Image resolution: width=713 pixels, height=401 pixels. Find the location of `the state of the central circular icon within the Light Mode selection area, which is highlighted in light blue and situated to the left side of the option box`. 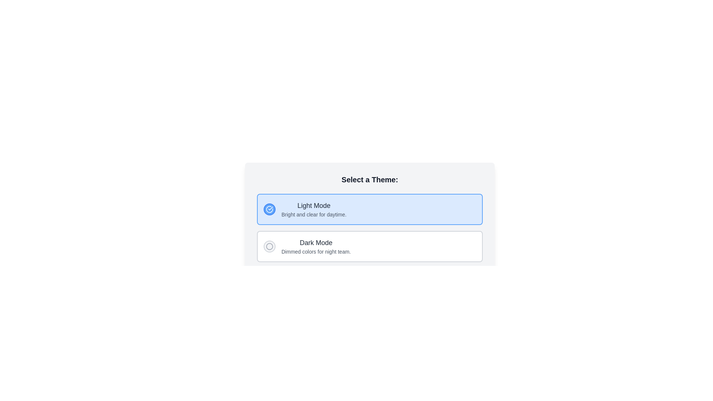

the state of the central circular icon within the Light Mode selection area, which is highlighted in light blue and situated to the left side of the option box is located at coordinates (269, 246).